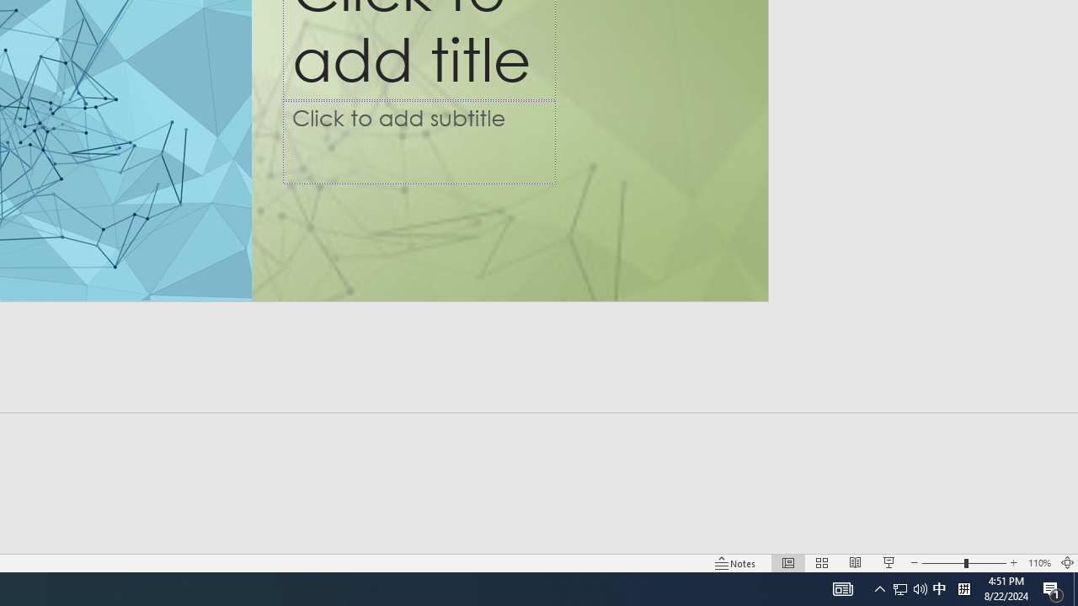  What do you see at coordinates (1013, 563) in the screenshot?
I see `'Zoom In'` at bounding box center [1013, 563].